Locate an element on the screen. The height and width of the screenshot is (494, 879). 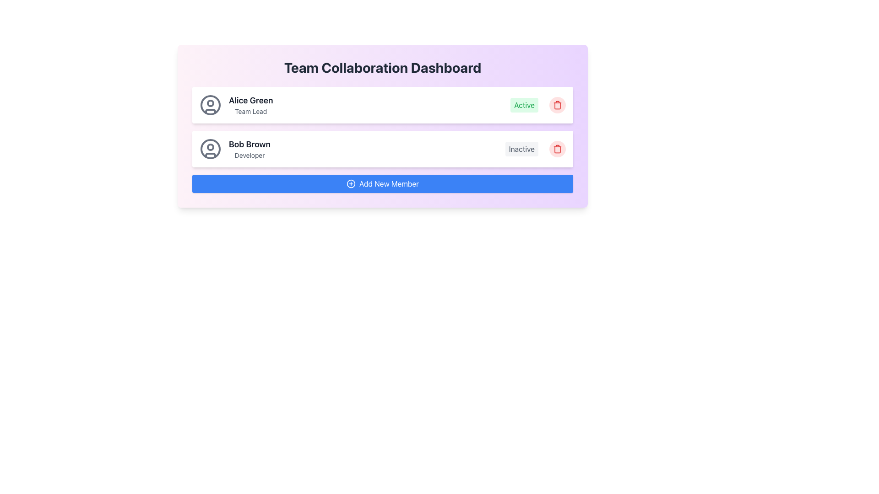
the lower portion of the circular user icon representing Bob Brown, styled to resemble a shirt collar within a user representation graphic is located at coordinates (210, 155).